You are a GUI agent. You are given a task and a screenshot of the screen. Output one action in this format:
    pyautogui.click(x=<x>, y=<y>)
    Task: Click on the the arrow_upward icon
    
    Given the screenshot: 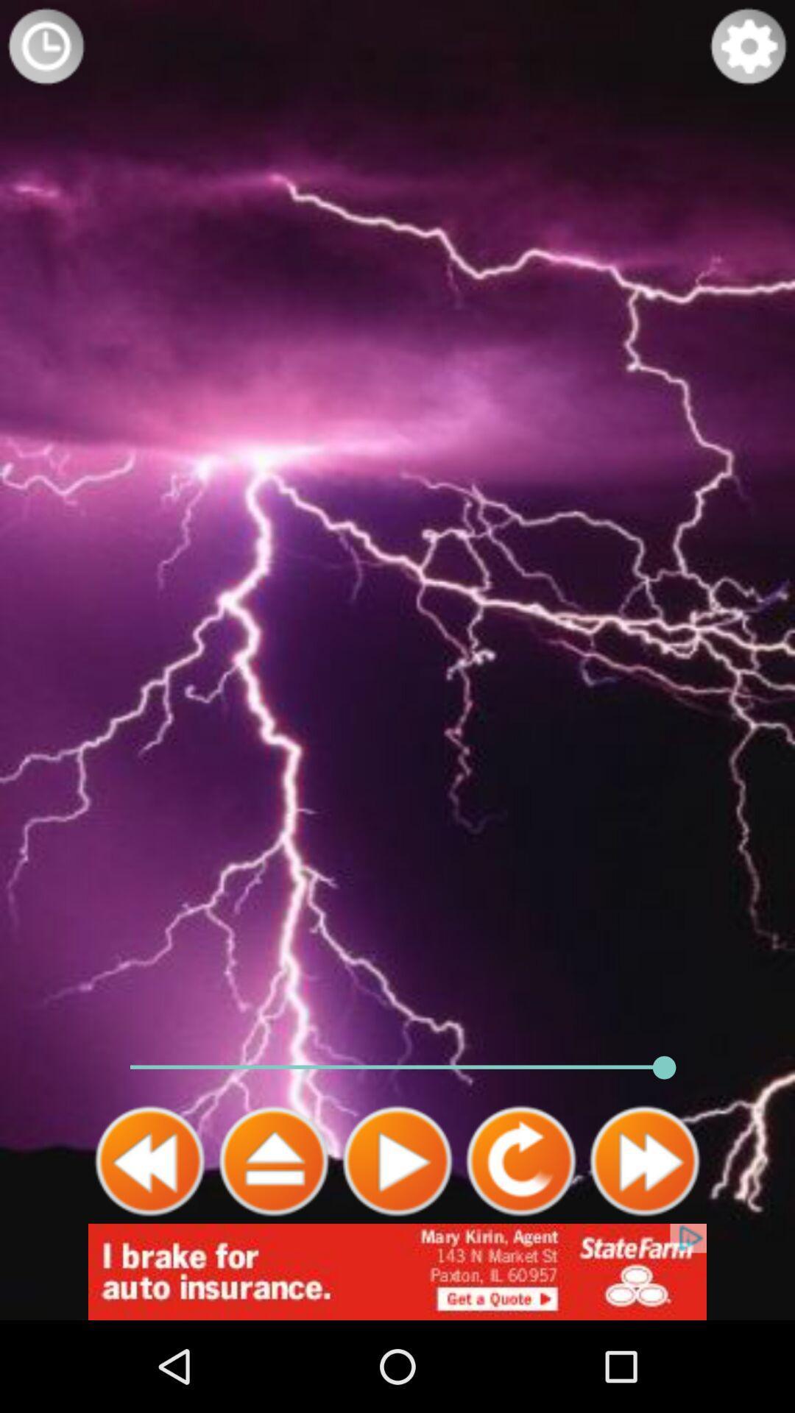 What is the action you would take?
    pyautogui.click(x=273, y=1242)
    